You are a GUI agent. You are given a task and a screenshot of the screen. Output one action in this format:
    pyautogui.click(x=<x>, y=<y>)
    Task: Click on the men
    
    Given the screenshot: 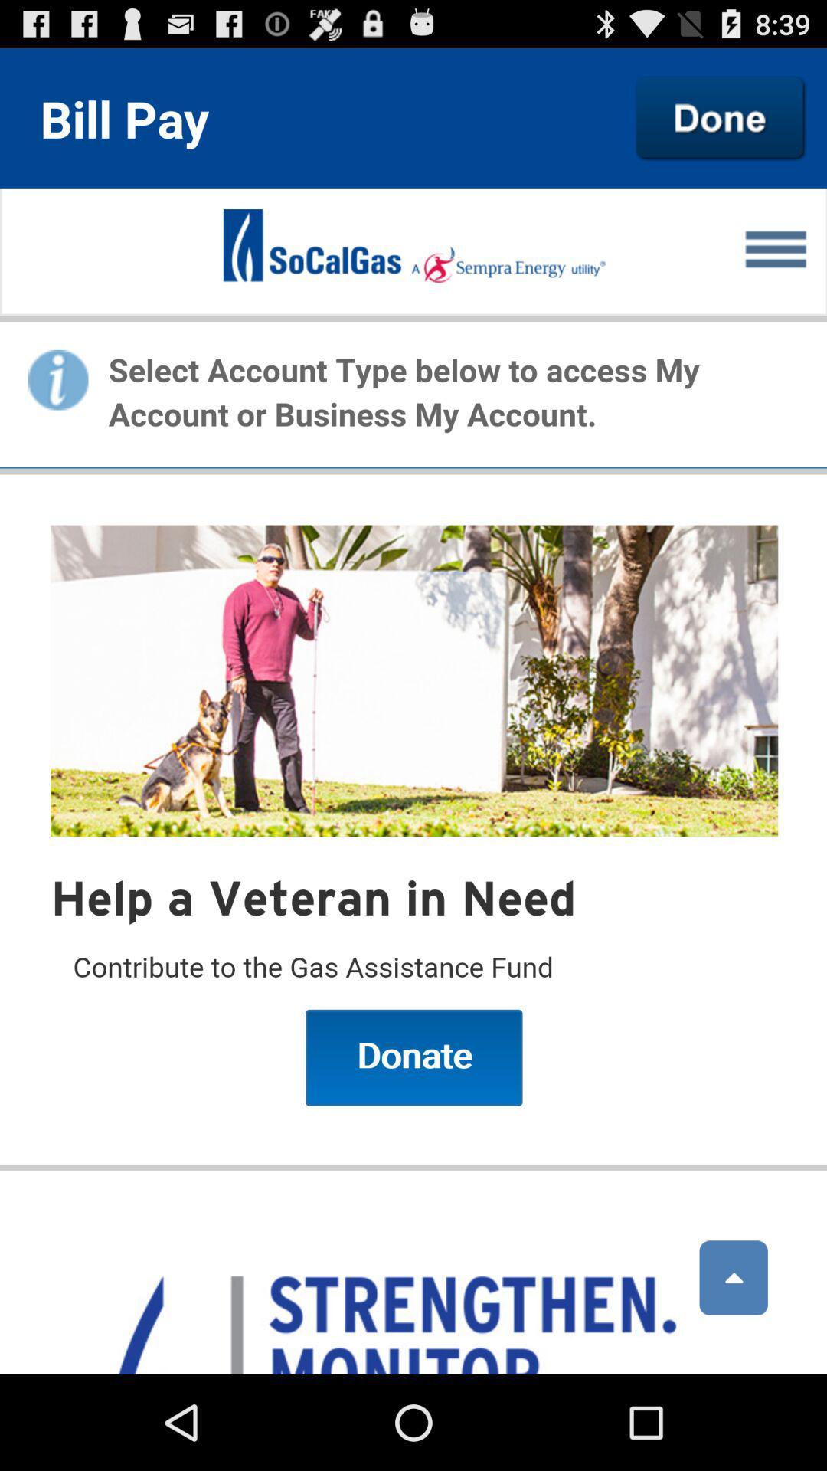 What is the action you would take?
    pyautogui.click(x=413, y=781)
    